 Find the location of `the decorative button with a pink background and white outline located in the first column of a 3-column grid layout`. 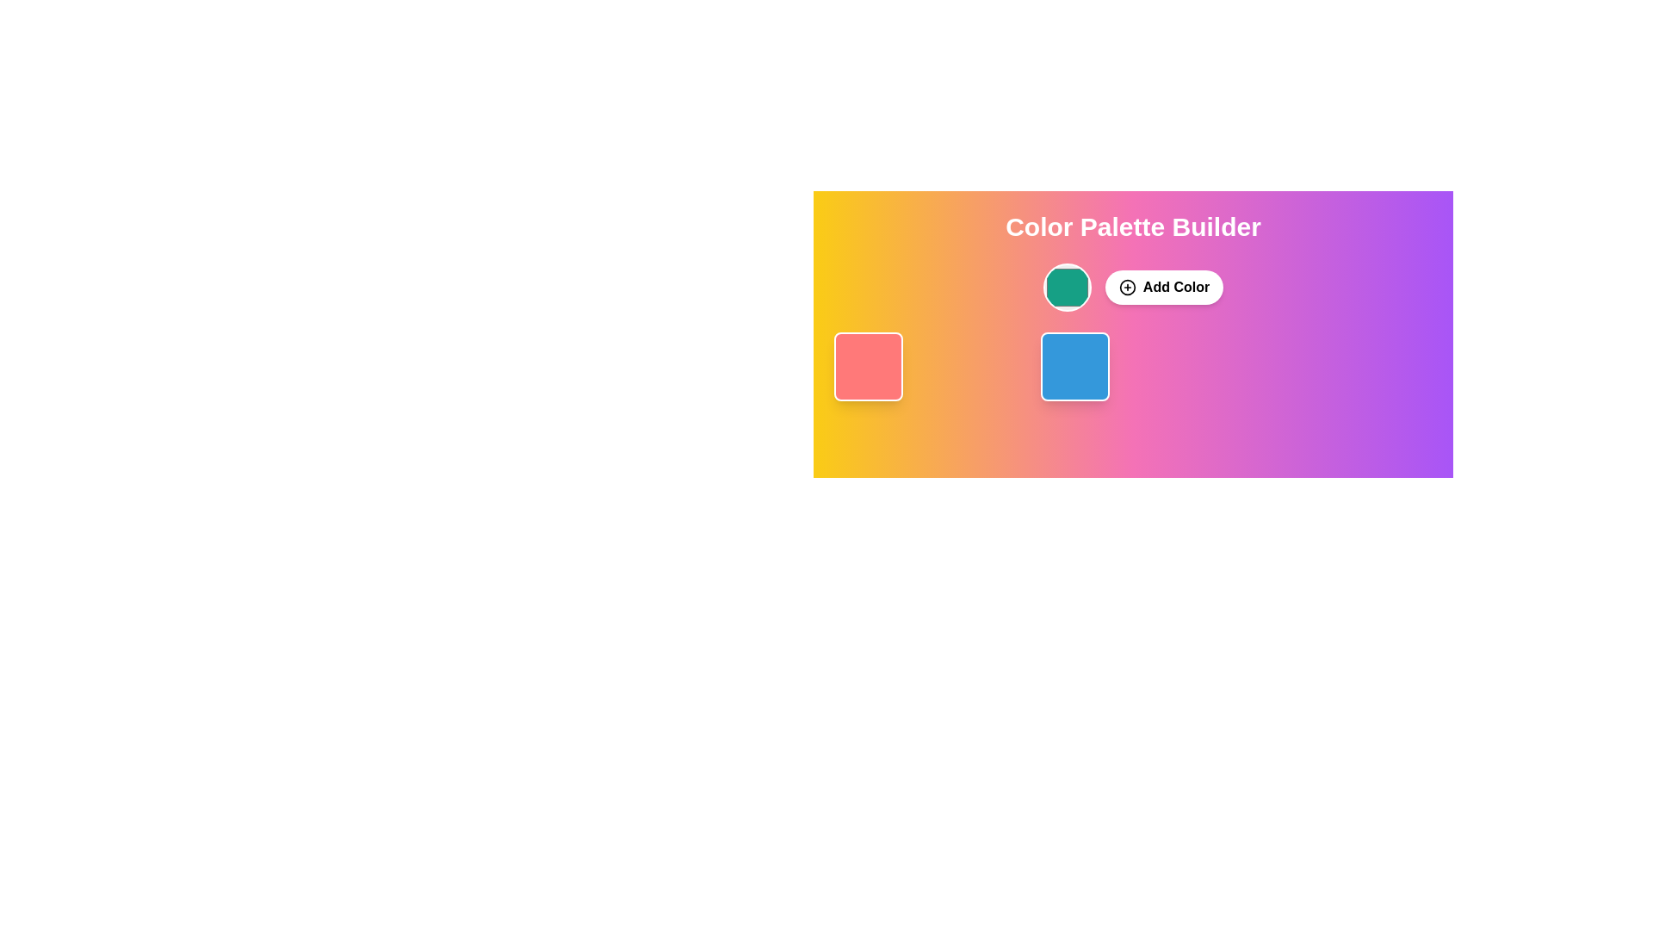

the decorative button with a pink background and white outline located in the first column of a 3-column grid layout is located at coordinates (926, 365).